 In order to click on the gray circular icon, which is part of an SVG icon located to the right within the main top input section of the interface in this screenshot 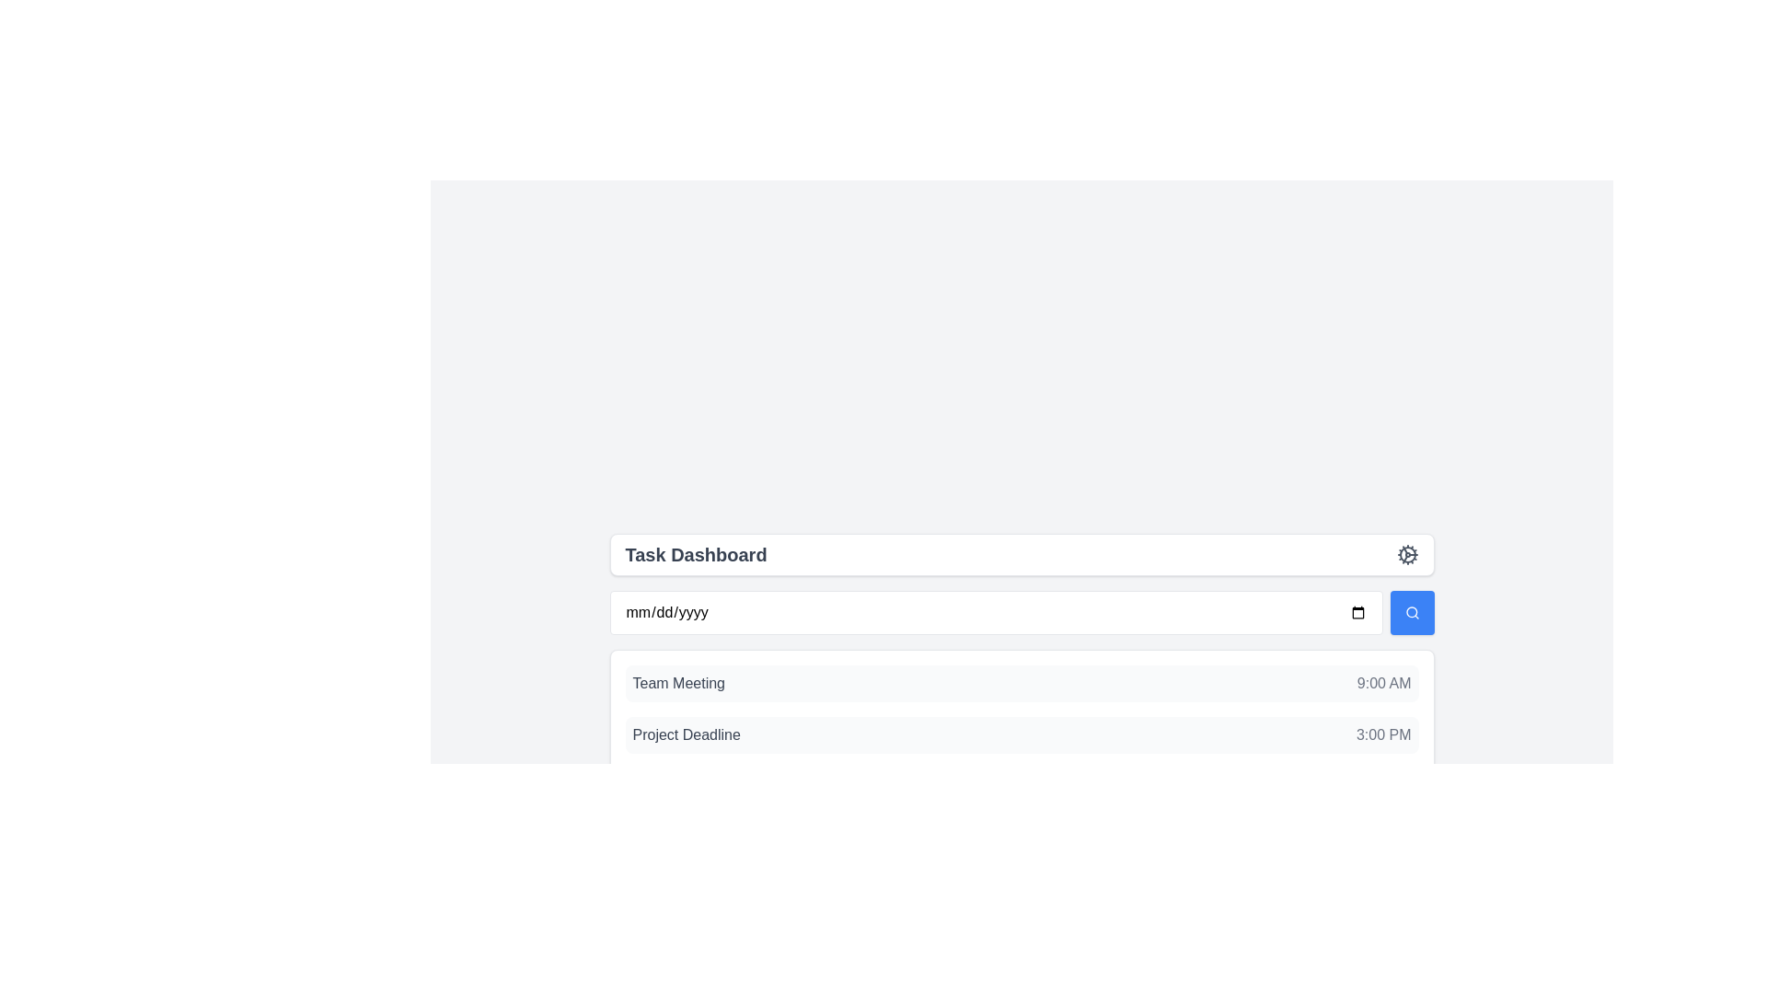, I will do `click(1406, 553)`.